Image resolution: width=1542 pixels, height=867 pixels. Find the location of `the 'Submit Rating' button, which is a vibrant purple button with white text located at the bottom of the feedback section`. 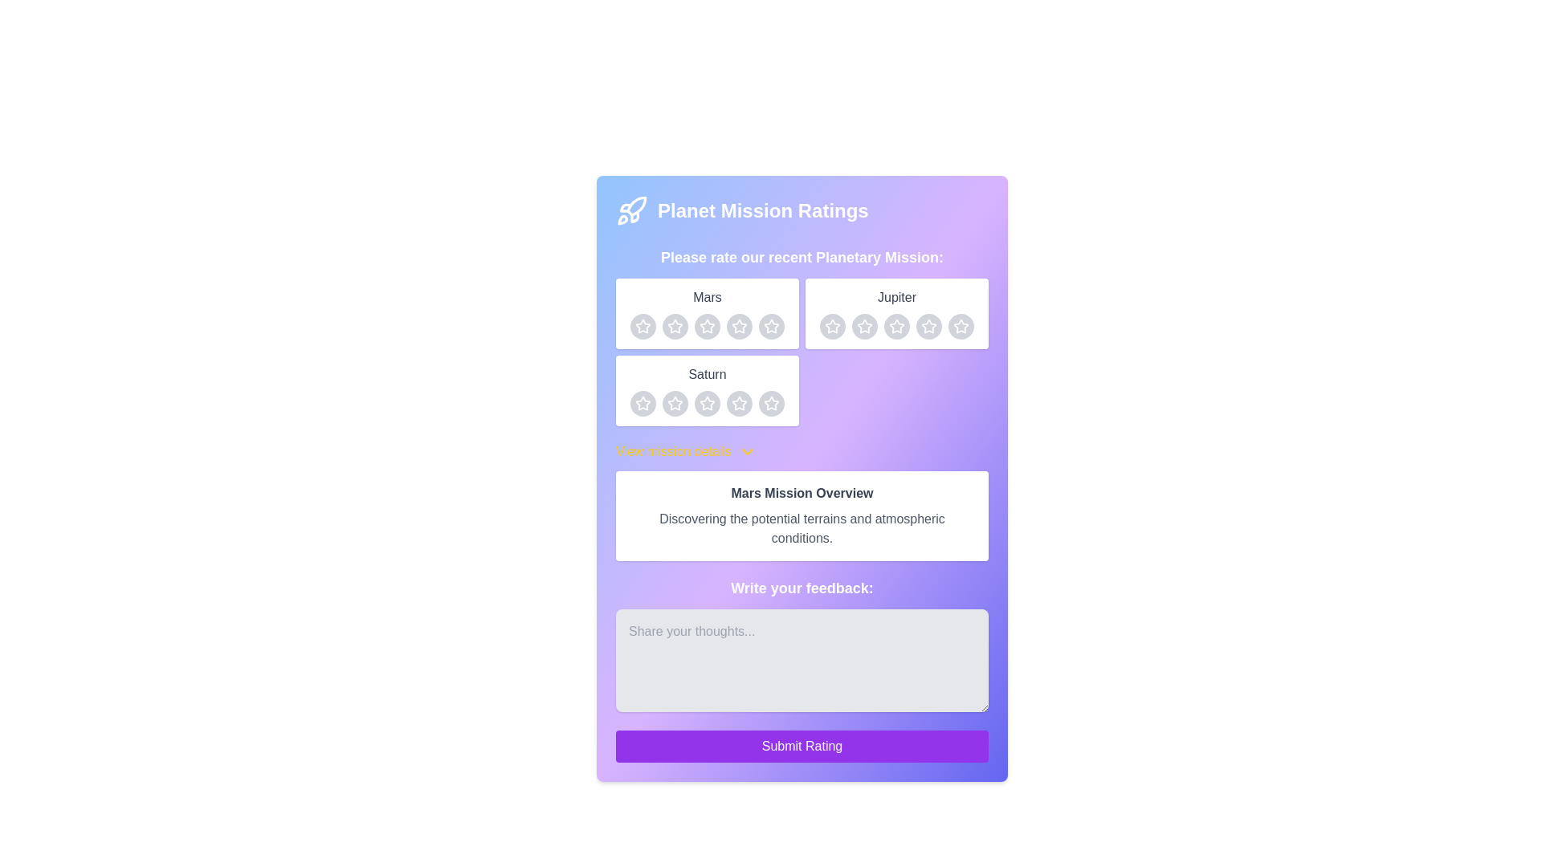

the 'Submit Rating' button, which is a vibrant purple button with white text located at the bottom of the feedback section is located at coordinates (802, 746).